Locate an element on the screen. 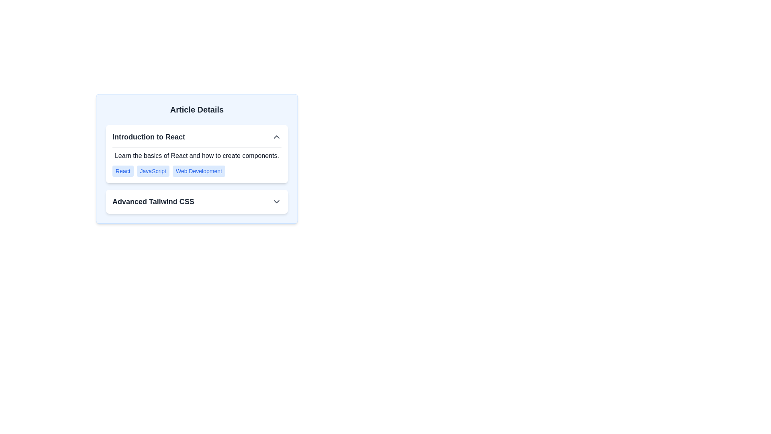  text snippet that states 'Learn the basics of React and how to create components.' which is styled as a standalone paragraph and located in the center of the card labeled 'Introduction to React' is located at coordinates (197, 156).